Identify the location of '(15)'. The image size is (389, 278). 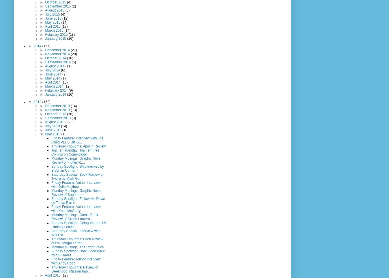
(64, 82).